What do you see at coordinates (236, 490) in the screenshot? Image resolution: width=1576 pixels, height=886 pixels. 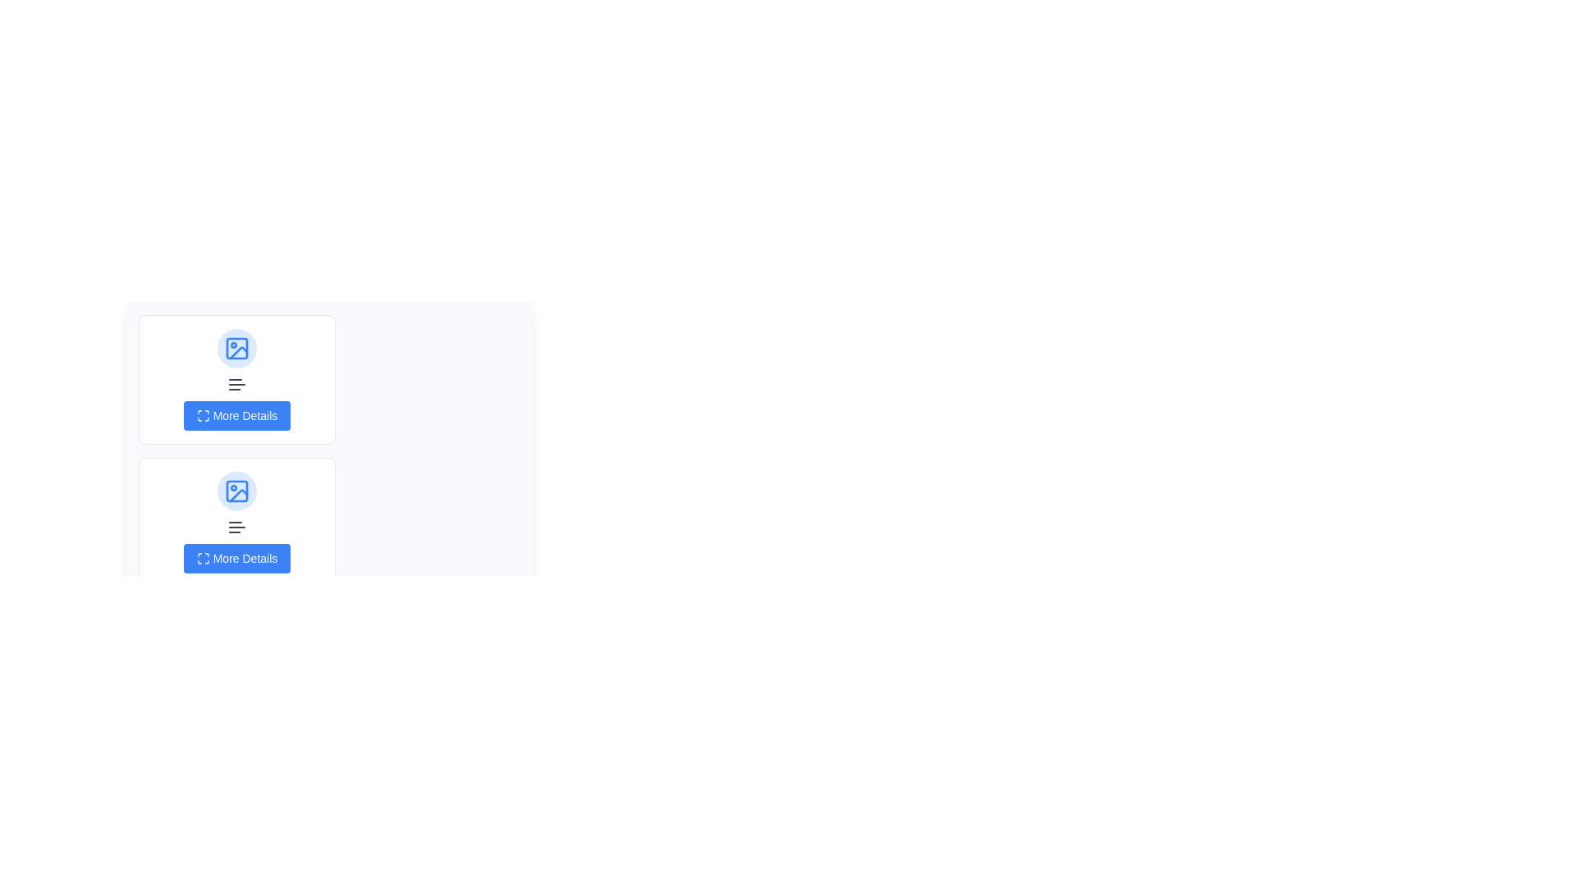 I see `the square-shaped graphical component with rounded corners that has blue accents and depicts an image, located in the upper card's header section of a listing of cards` at bounding box center [236, 490].